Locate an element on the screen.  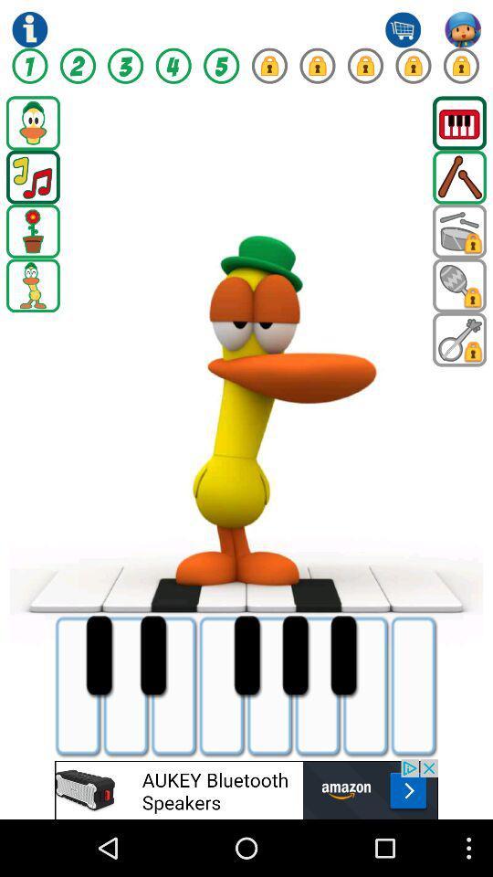
the avatar icon is located at coordinates (33, 131).